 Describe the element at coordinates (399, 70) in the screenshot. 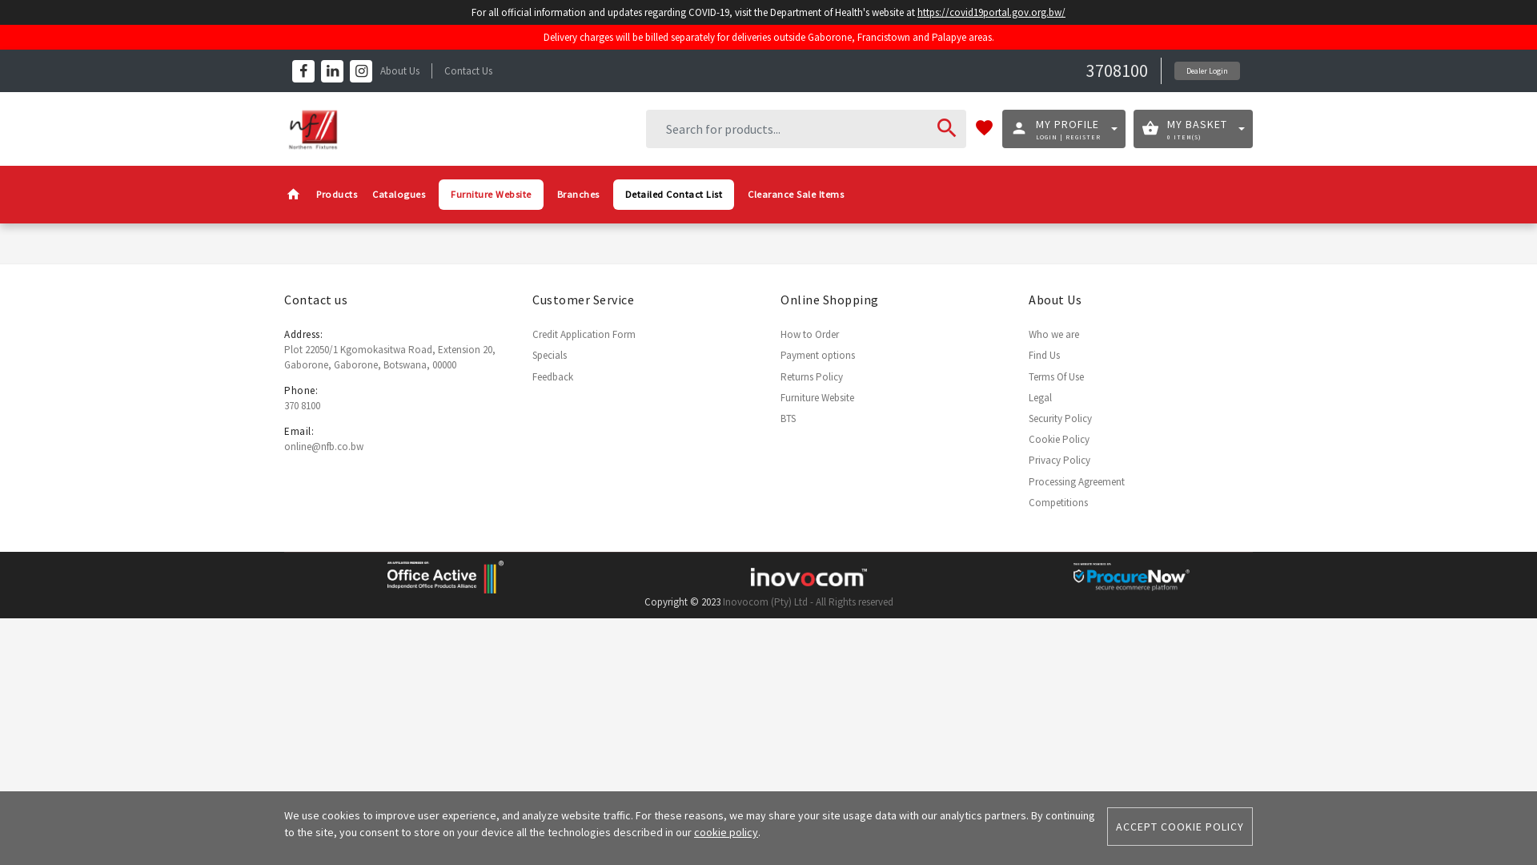

I see `'About Us'` at that location.